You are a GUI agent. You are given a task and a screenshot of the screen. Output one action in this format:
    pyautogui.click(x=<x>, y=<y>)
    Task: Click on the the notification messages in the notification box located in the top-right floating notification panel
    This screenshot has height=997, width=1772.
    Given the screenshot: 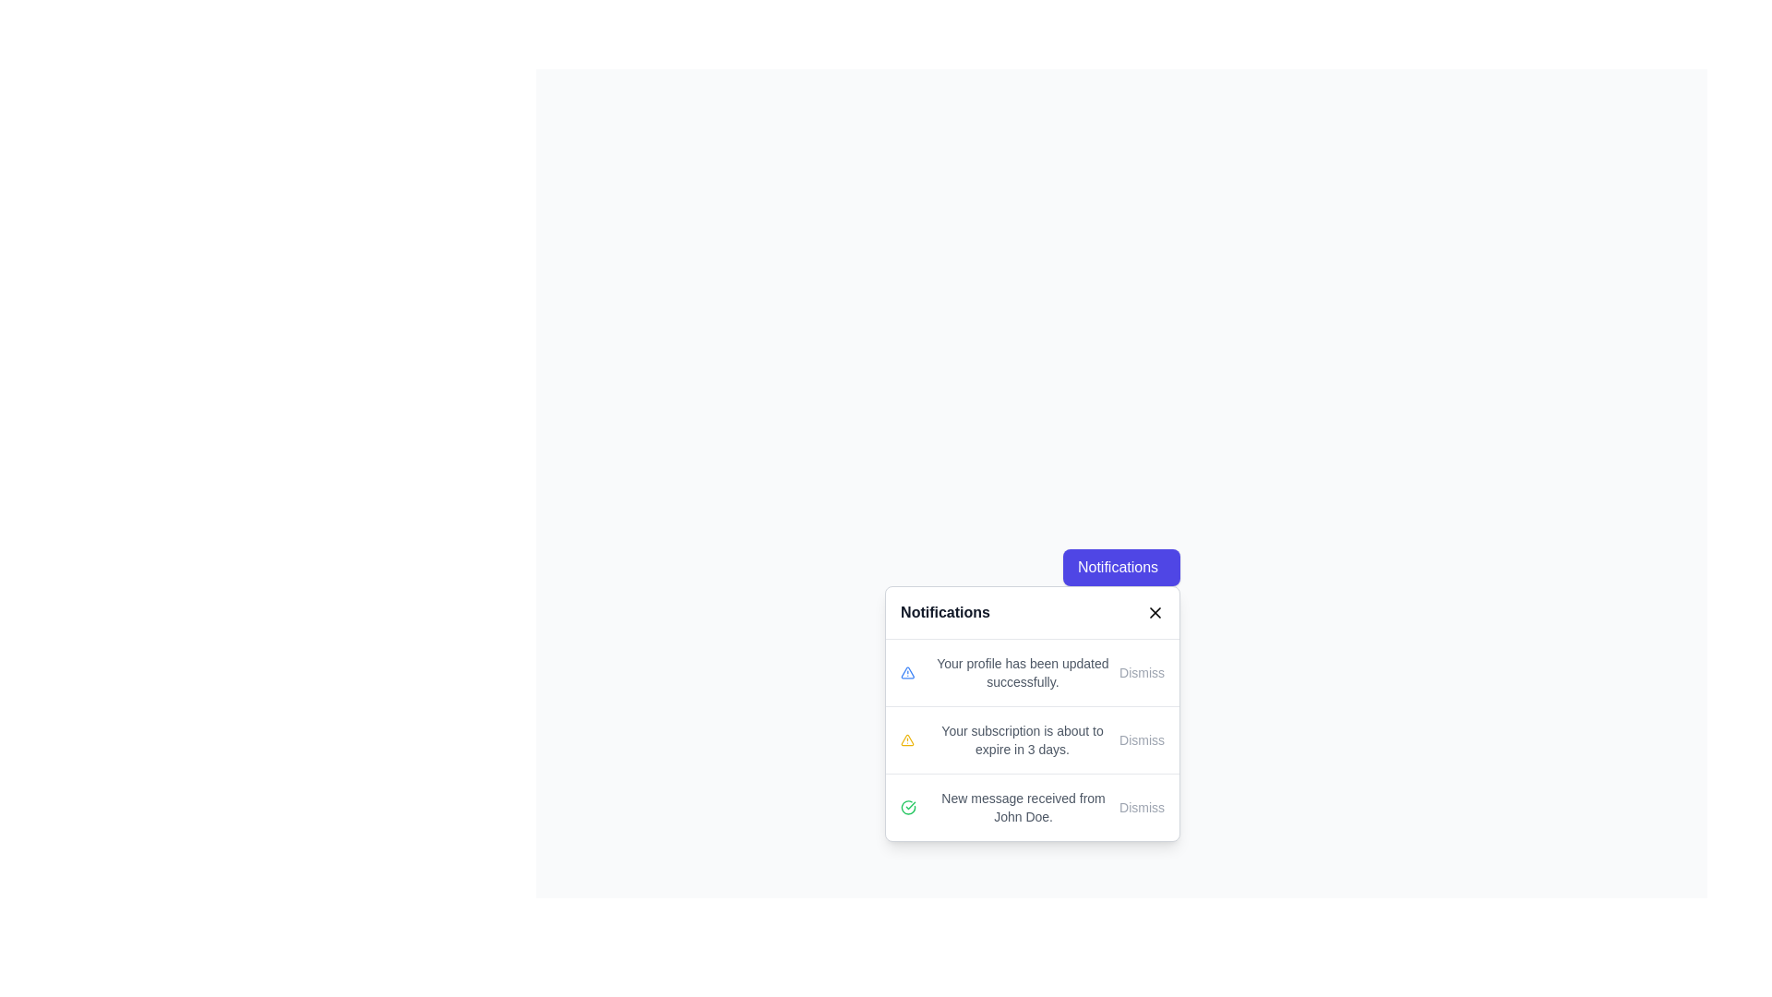 What is the action you would take?
    pyautogui.click(x=1032, y=739)
    